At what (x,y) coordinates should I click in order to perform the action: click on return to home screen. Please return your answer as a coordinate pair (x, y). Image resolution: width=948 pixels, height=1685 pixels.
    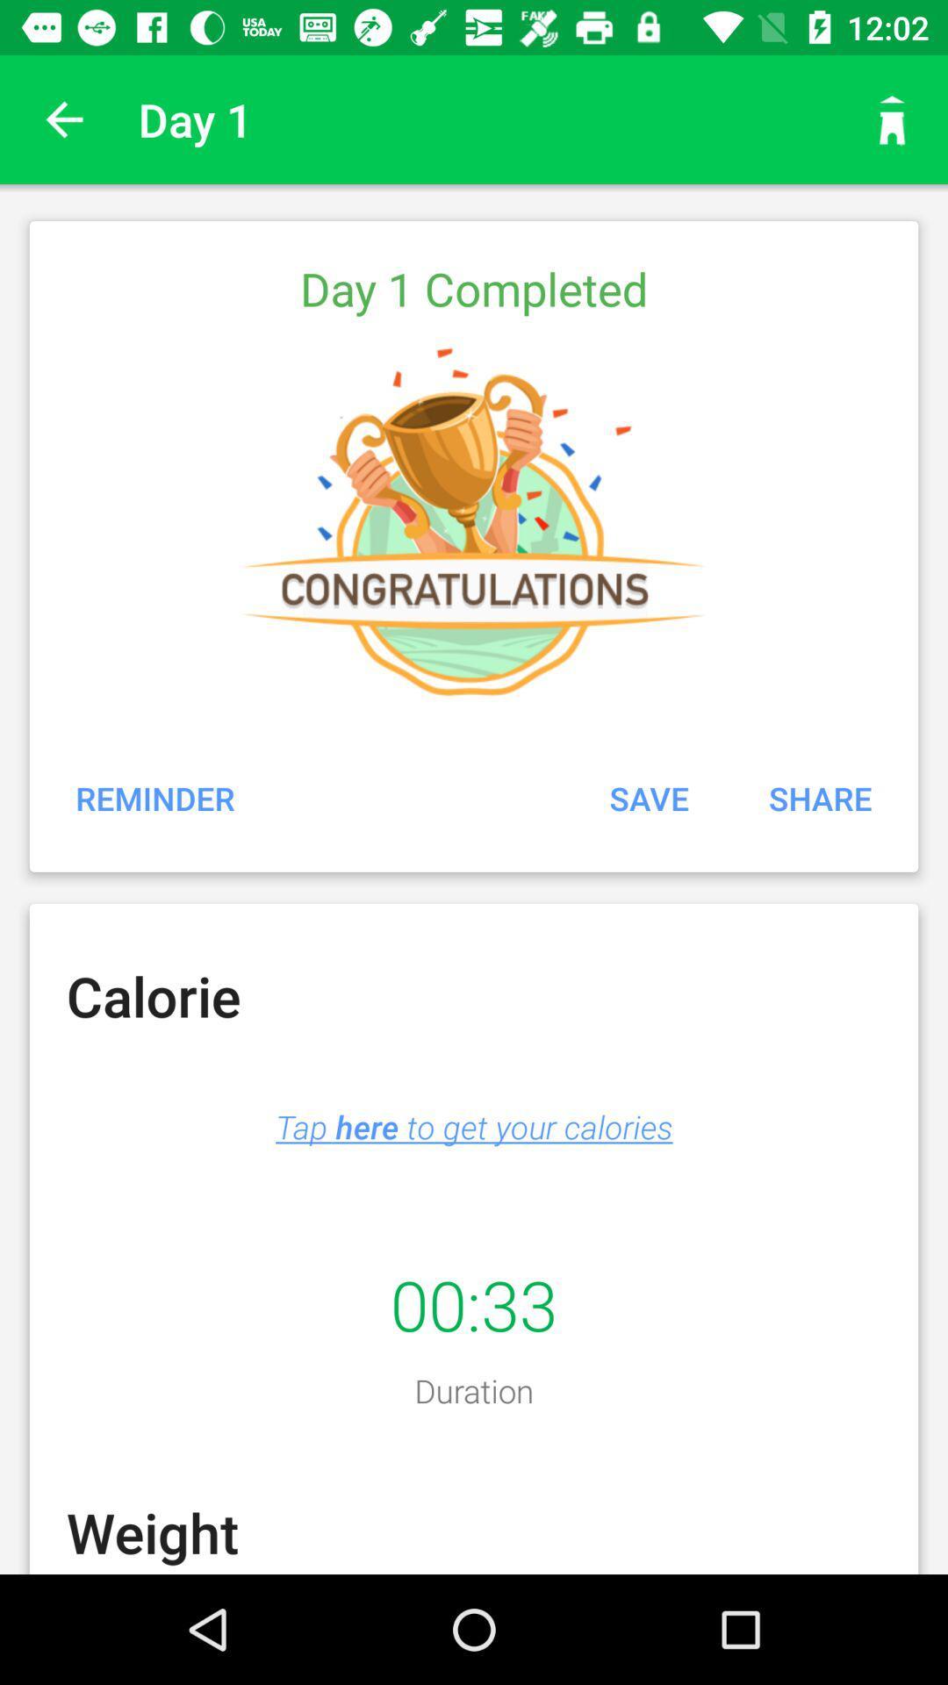
    Looking at the image, I should click on (893, 118).